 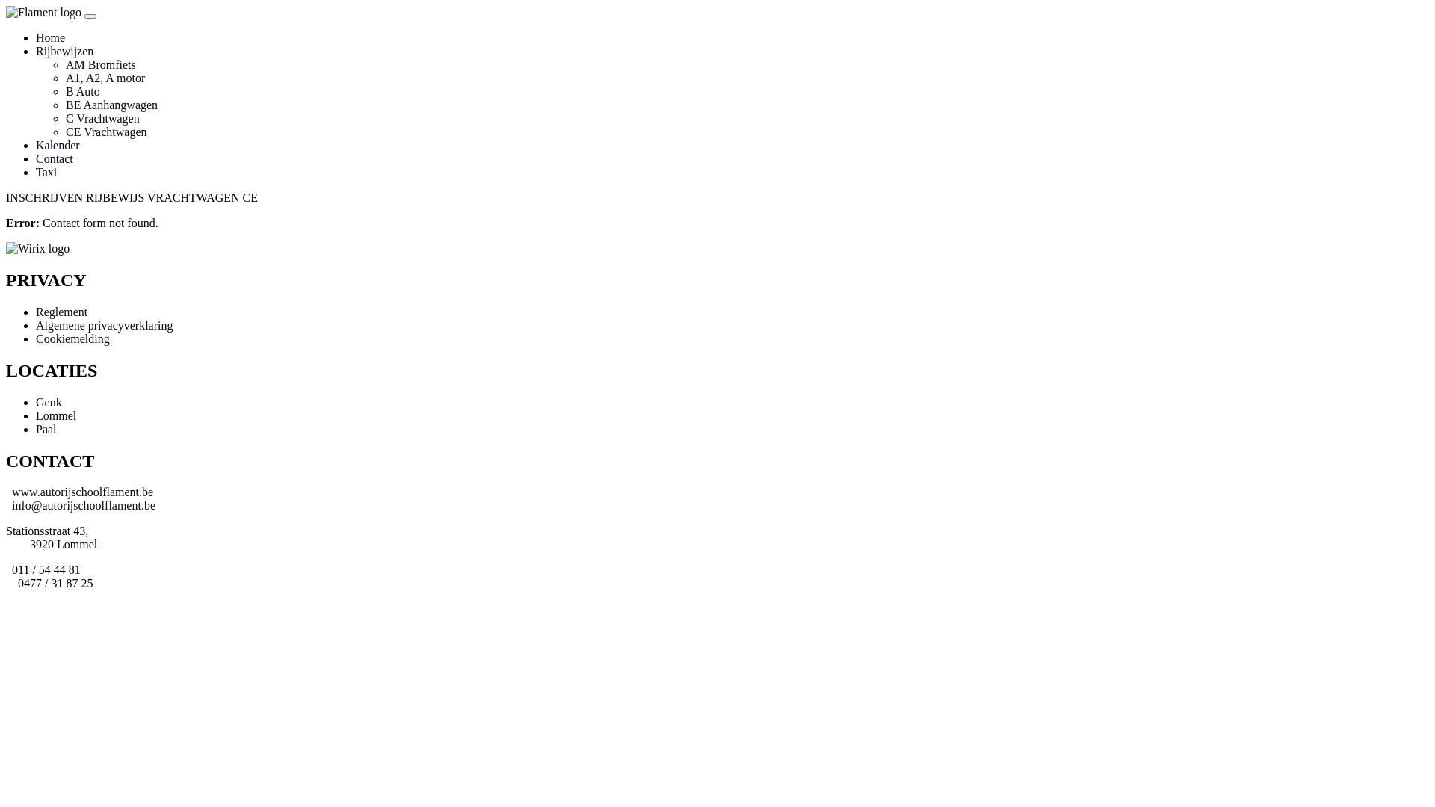 I want to click on 'Home', so click(x=50, y=37).